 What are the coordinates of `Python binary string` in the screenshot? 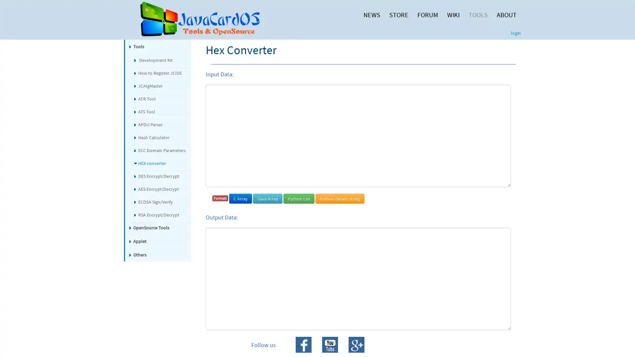 It's located at (340, 198).